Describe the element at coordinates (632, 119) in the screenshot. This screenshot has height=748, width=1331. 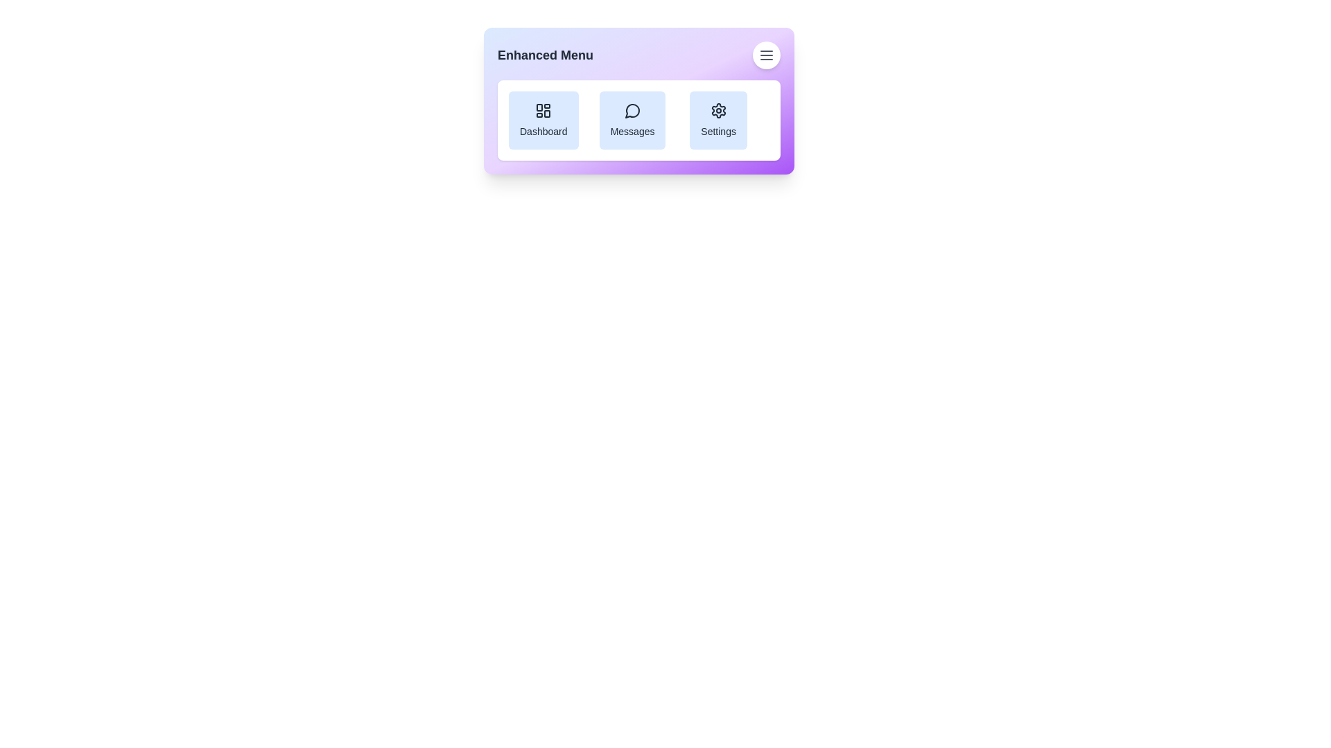
I see `the Messages button` at that location.